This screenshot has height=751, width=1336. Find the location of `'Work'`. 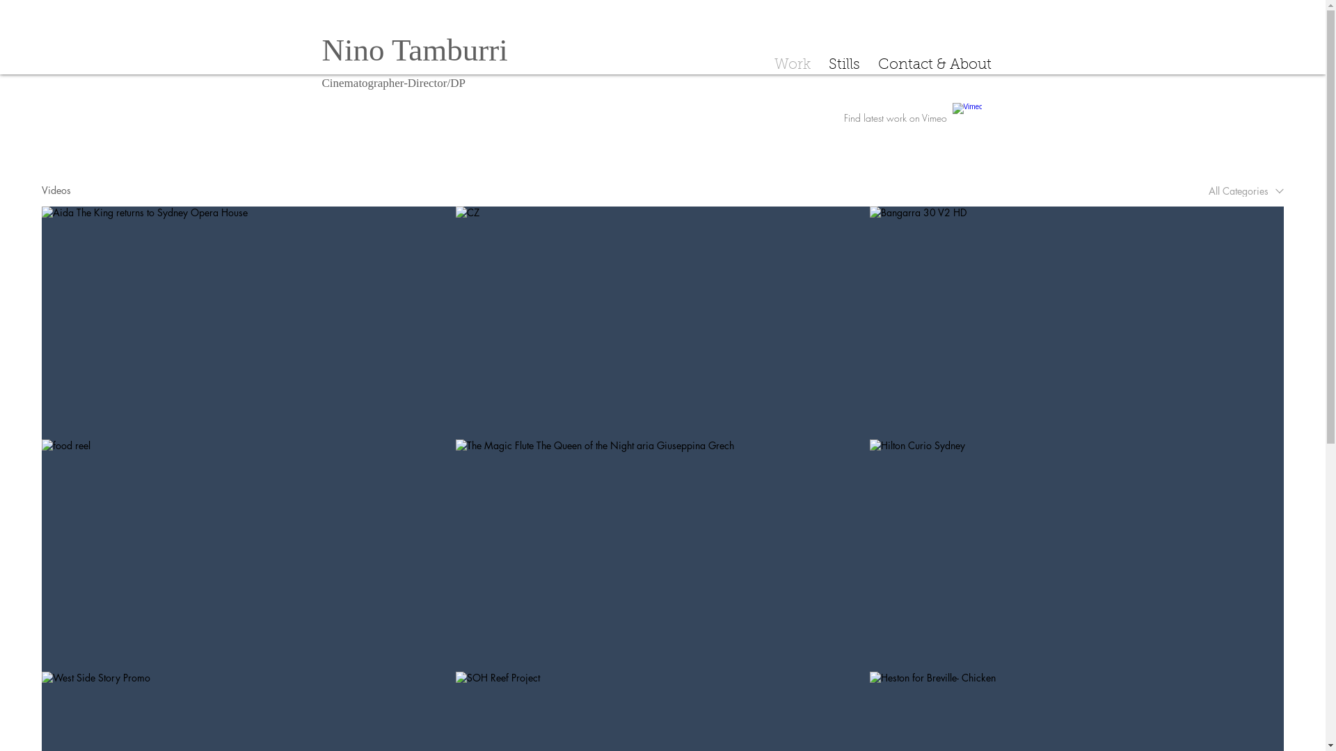

'Work' is located at coordinates (792, 61).